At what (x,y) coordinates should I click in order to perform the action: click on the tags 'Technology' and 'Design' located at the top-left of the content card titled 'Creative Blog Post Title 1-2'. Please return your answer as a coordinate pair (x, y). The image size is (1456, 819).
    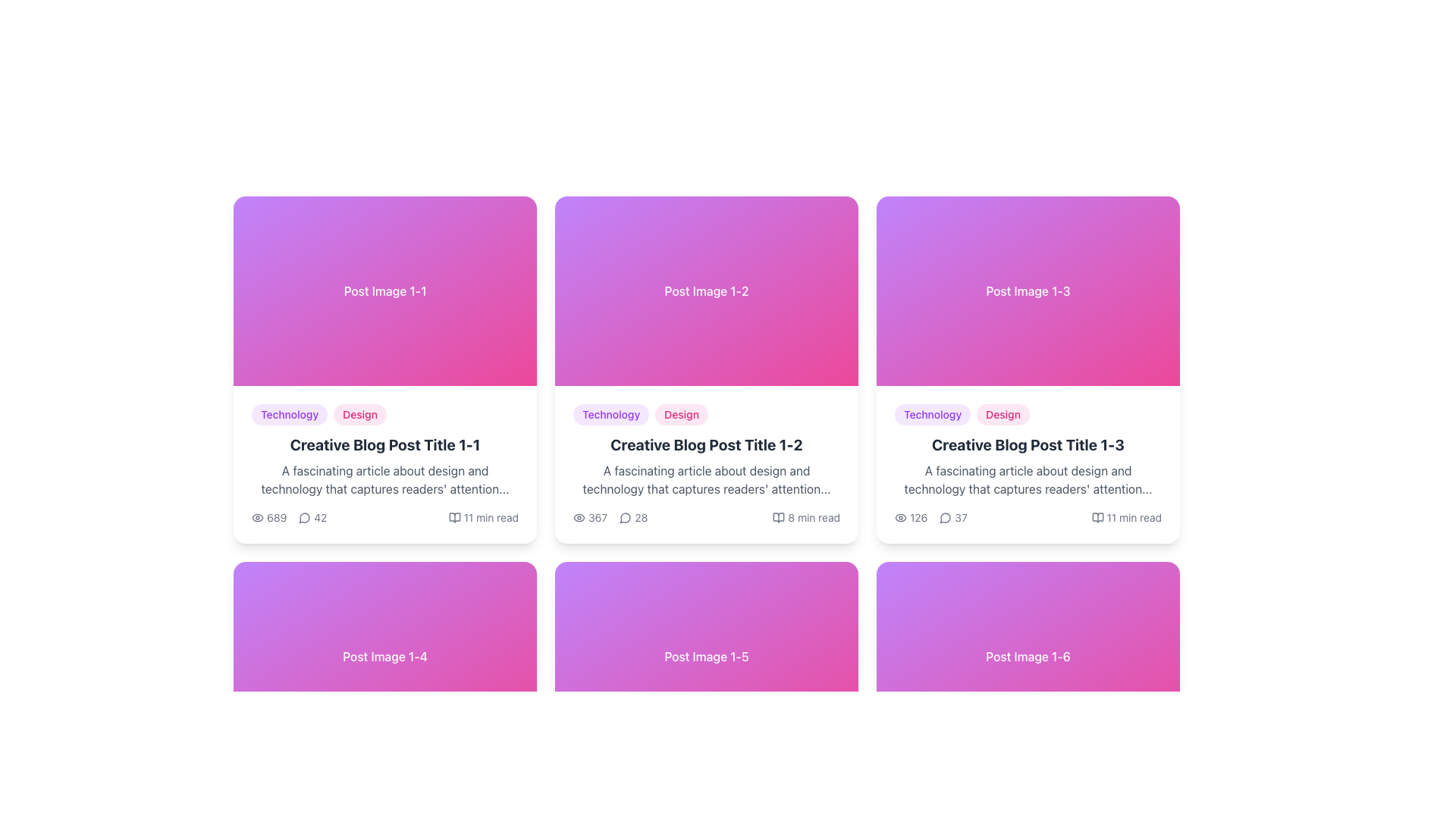
    Looking at the image, I should click on (705, 415).